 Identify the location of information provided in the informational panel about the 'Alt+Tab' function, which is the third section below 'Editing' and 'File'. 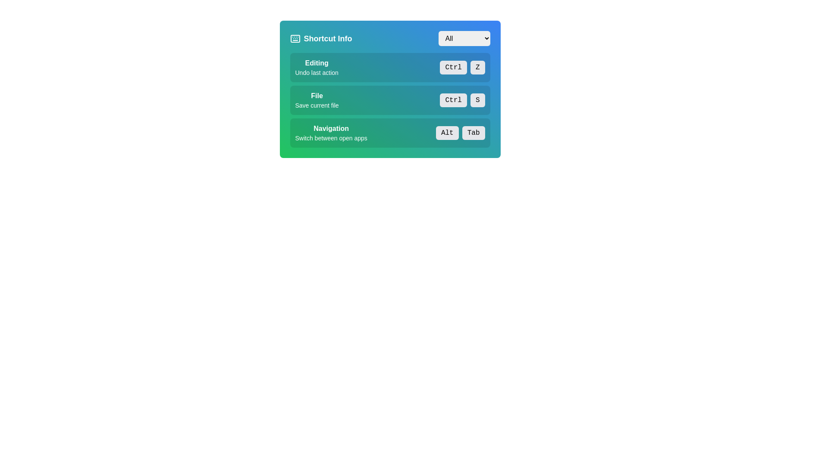
(389, 133).